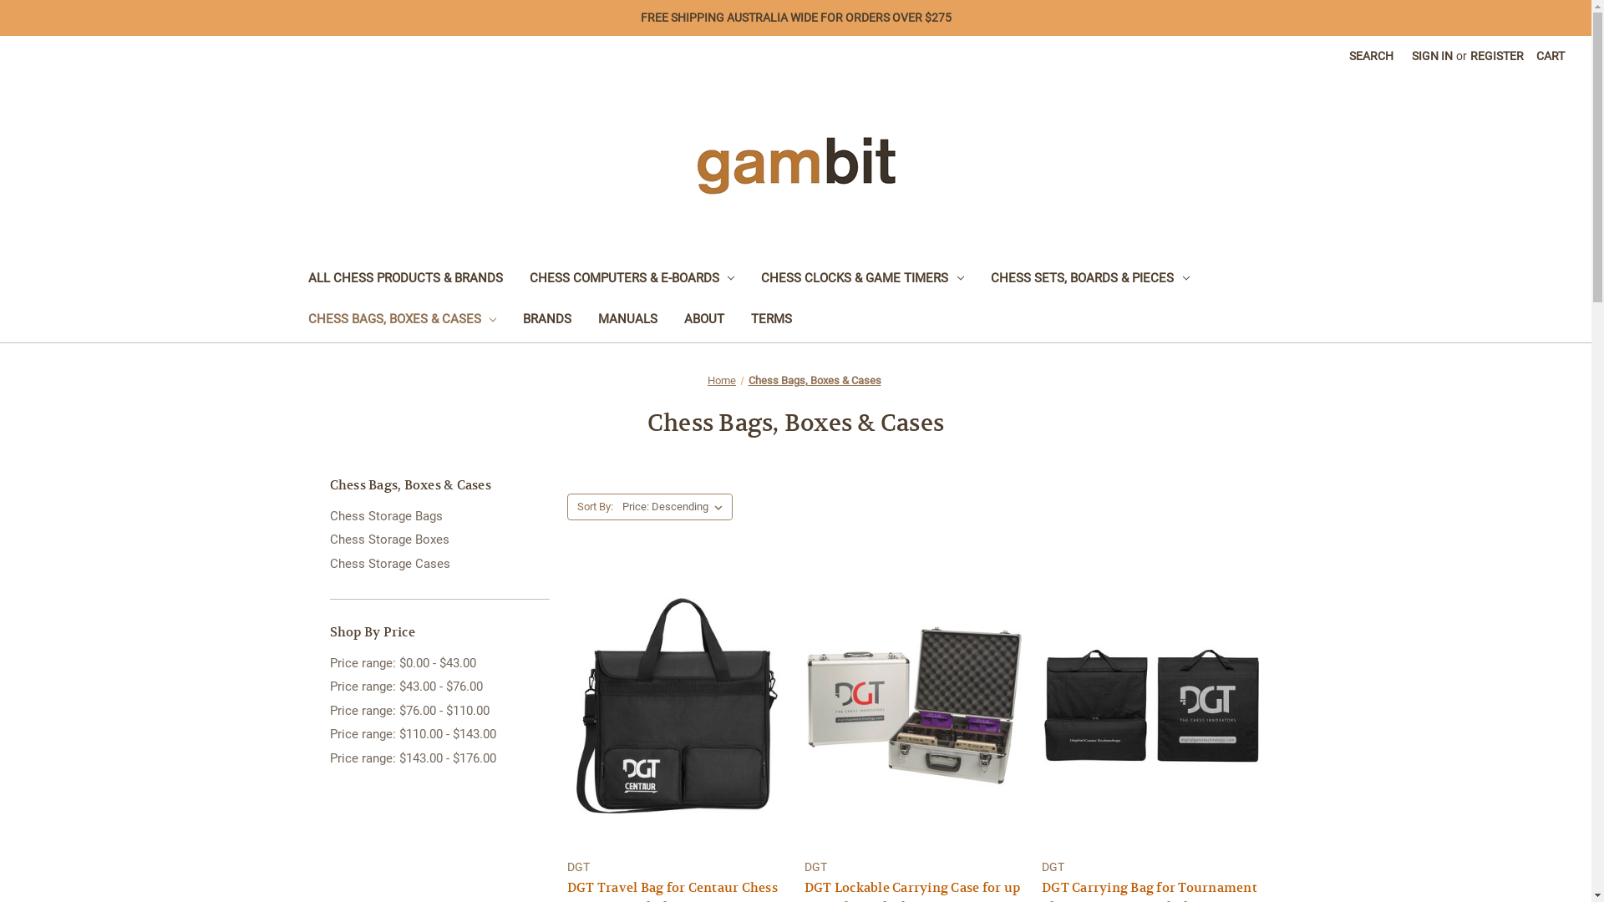 The image size is (1604, 902). What do you see at coordinates (439, 711) in the screenshot?
I see `'Price range: $76.00 - $110.00'` at bounding box center [439, 711].